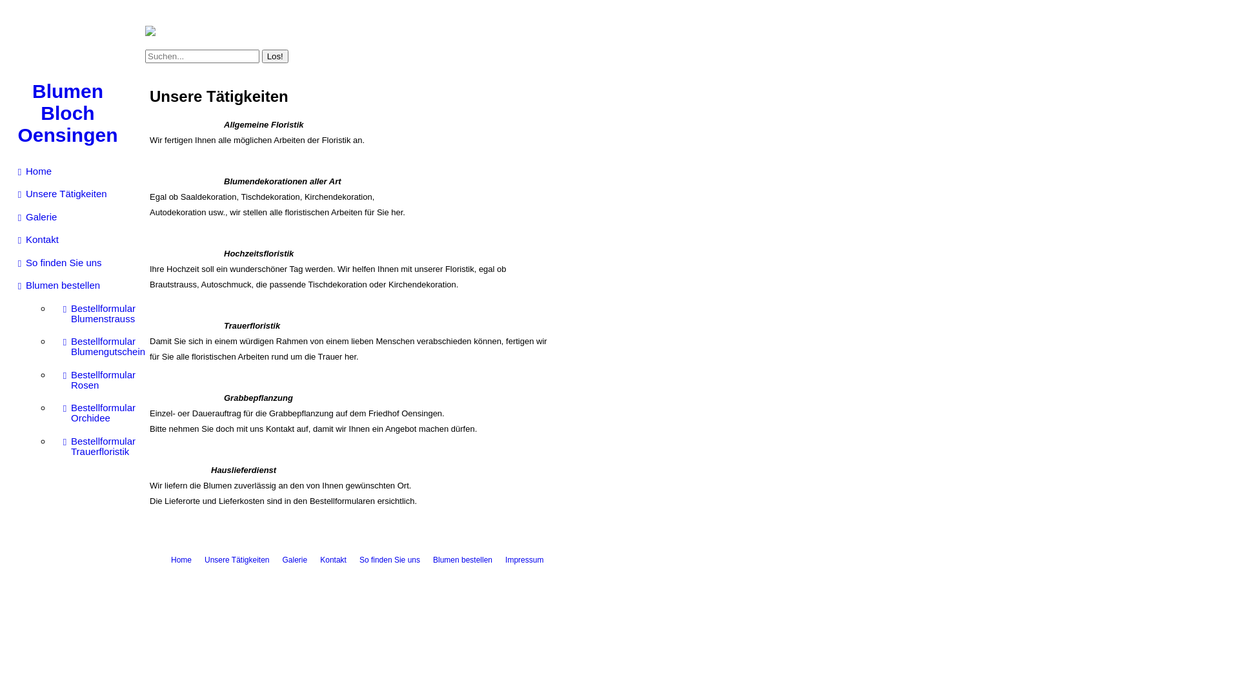 The image size is (1239, 696). Describe the element at coordinates (12, 239) in the screenshot. I see `'Kontakt'` at that location.